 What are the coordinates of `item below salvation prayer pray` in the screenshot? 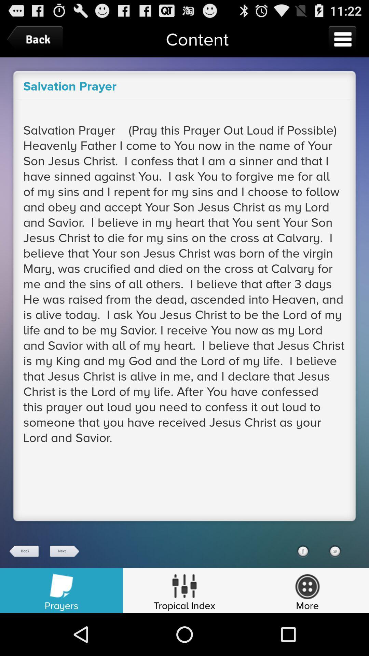 It's located at (334, 551).